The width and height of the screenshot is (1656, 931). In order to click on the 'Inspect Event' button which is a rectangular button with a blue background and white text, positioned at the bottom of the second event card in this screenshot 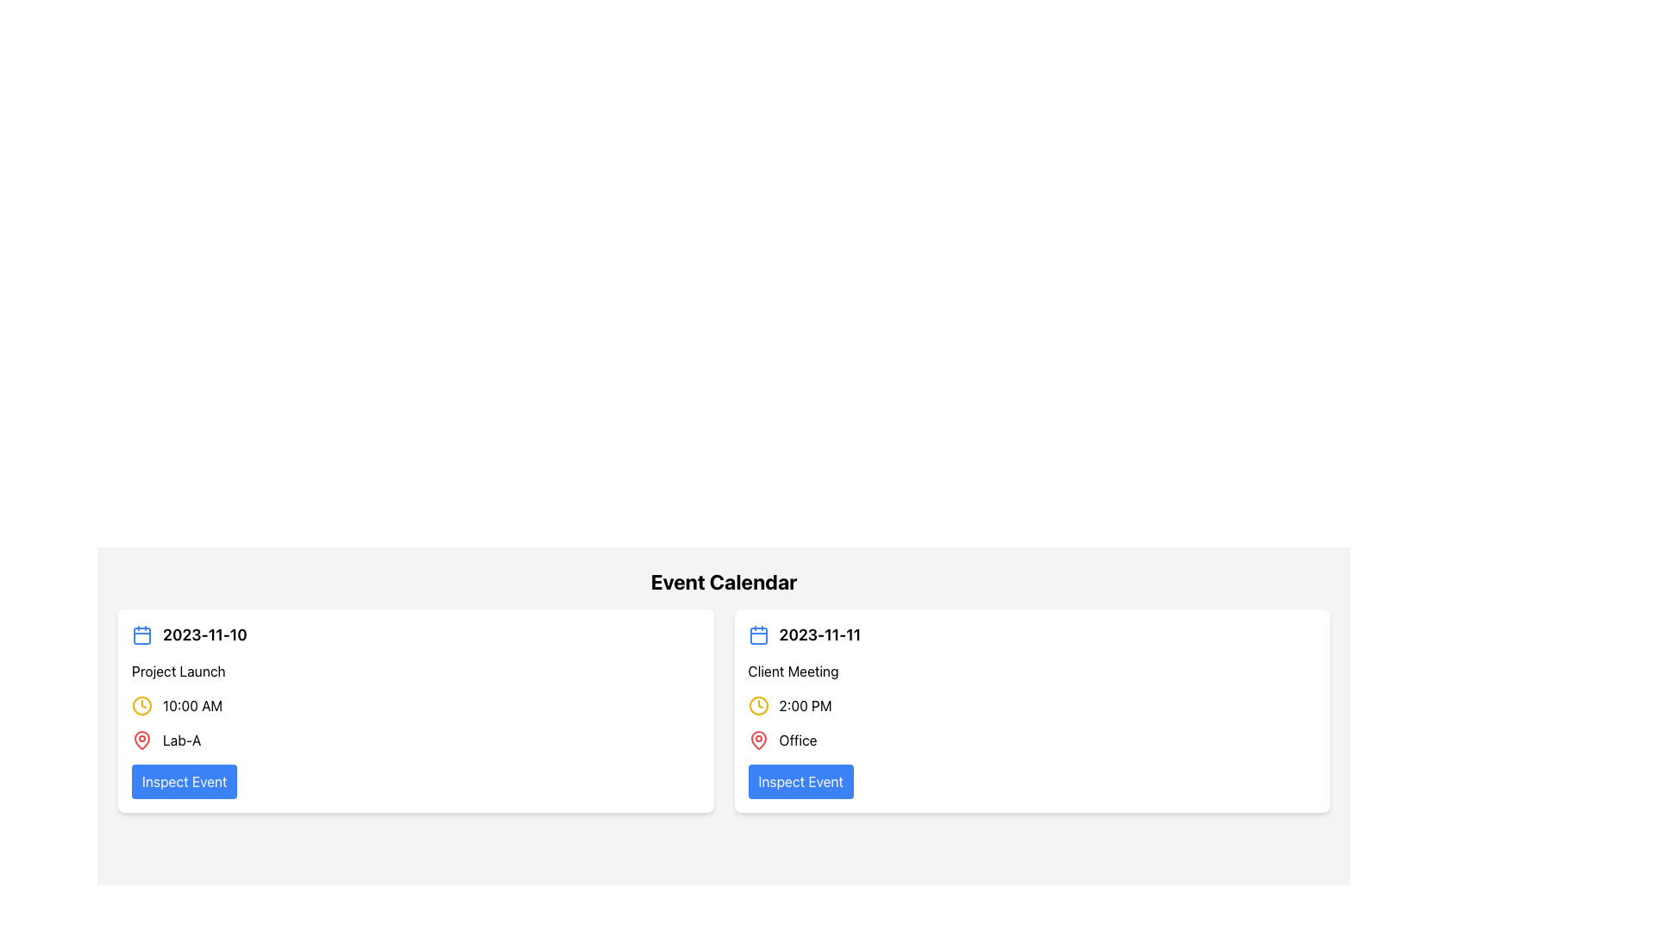, I will do `click(800, 781)`.